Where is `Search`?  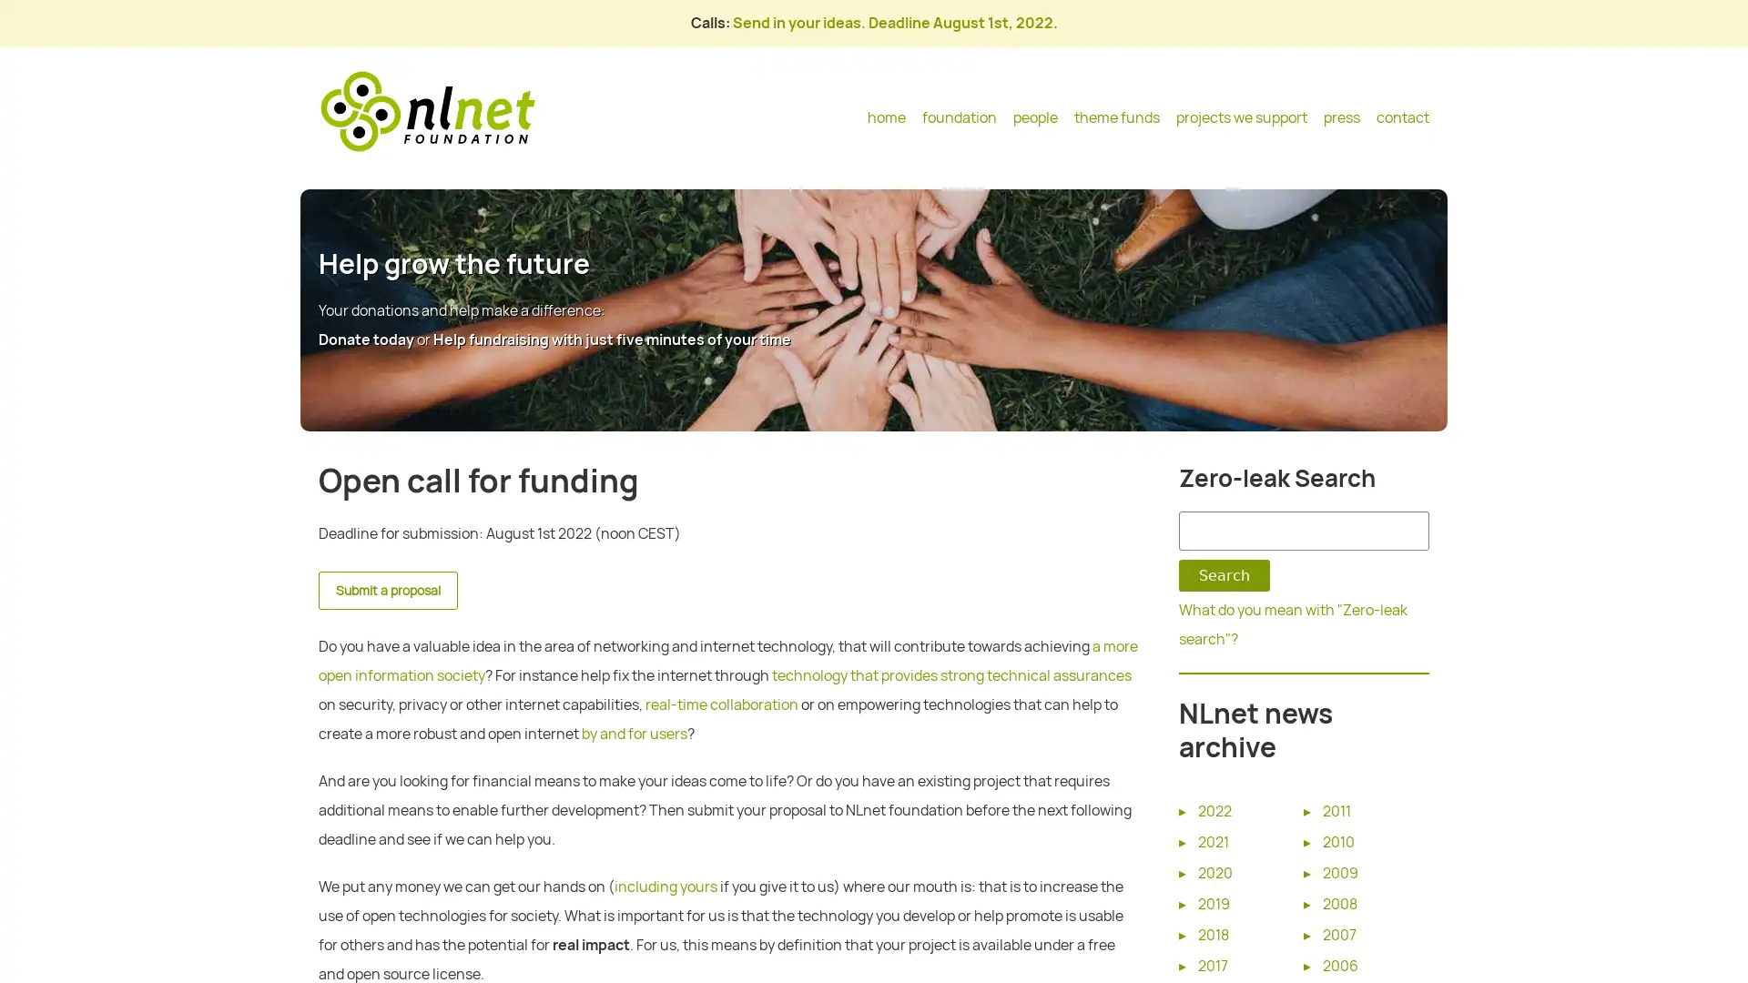 Search is located at coordinates (1224, 575).